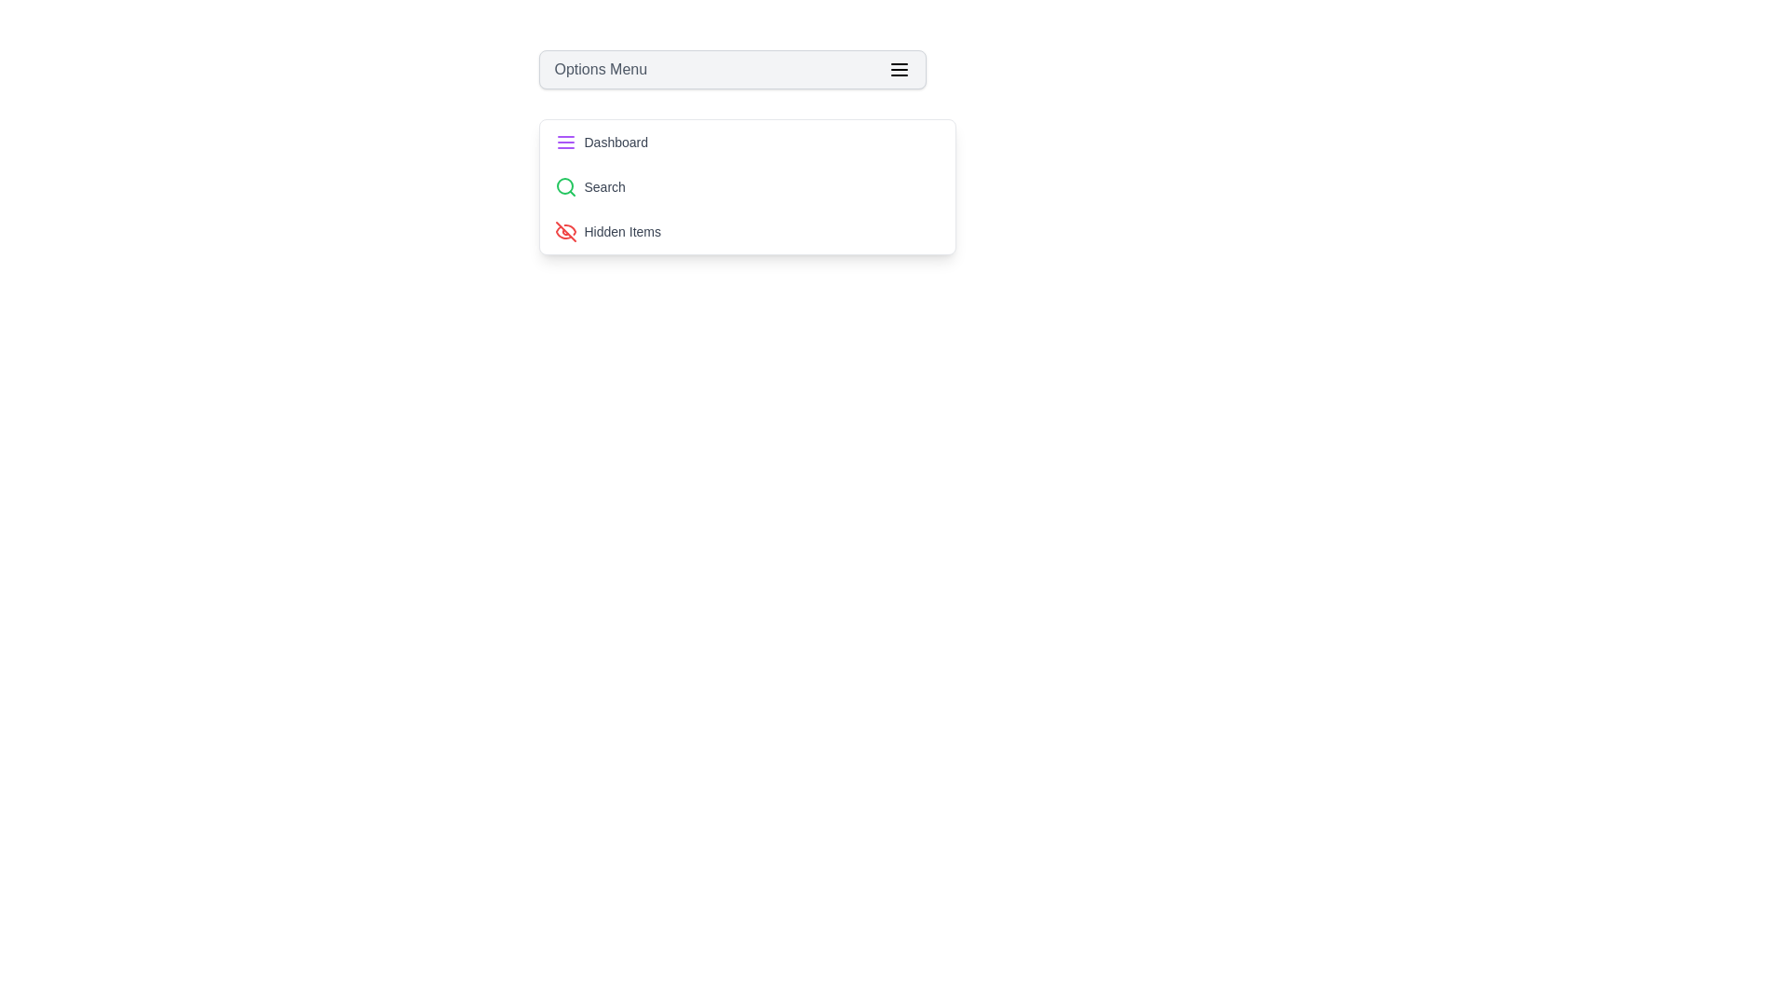 This screenshot has height=1006, width=1788. Describe the element at coordinates (564, 142) in the screenshot. I see `the hamburger menu icon, which is a small purple icon with three horizontal lines located to the left of the 'Dashboard' text label in the first entry of the vertical menu` at that location.